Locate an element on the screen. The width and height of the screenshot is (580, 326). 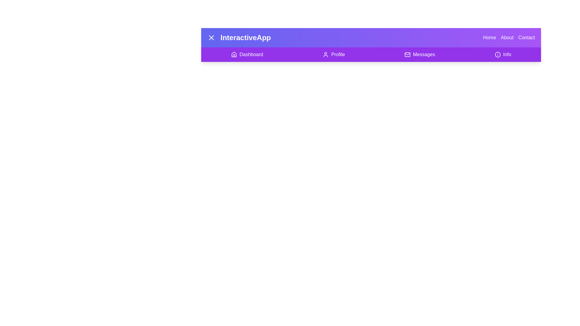
the button labeled Dashboard to observe its hover effect is located at coordinates (247, 55).